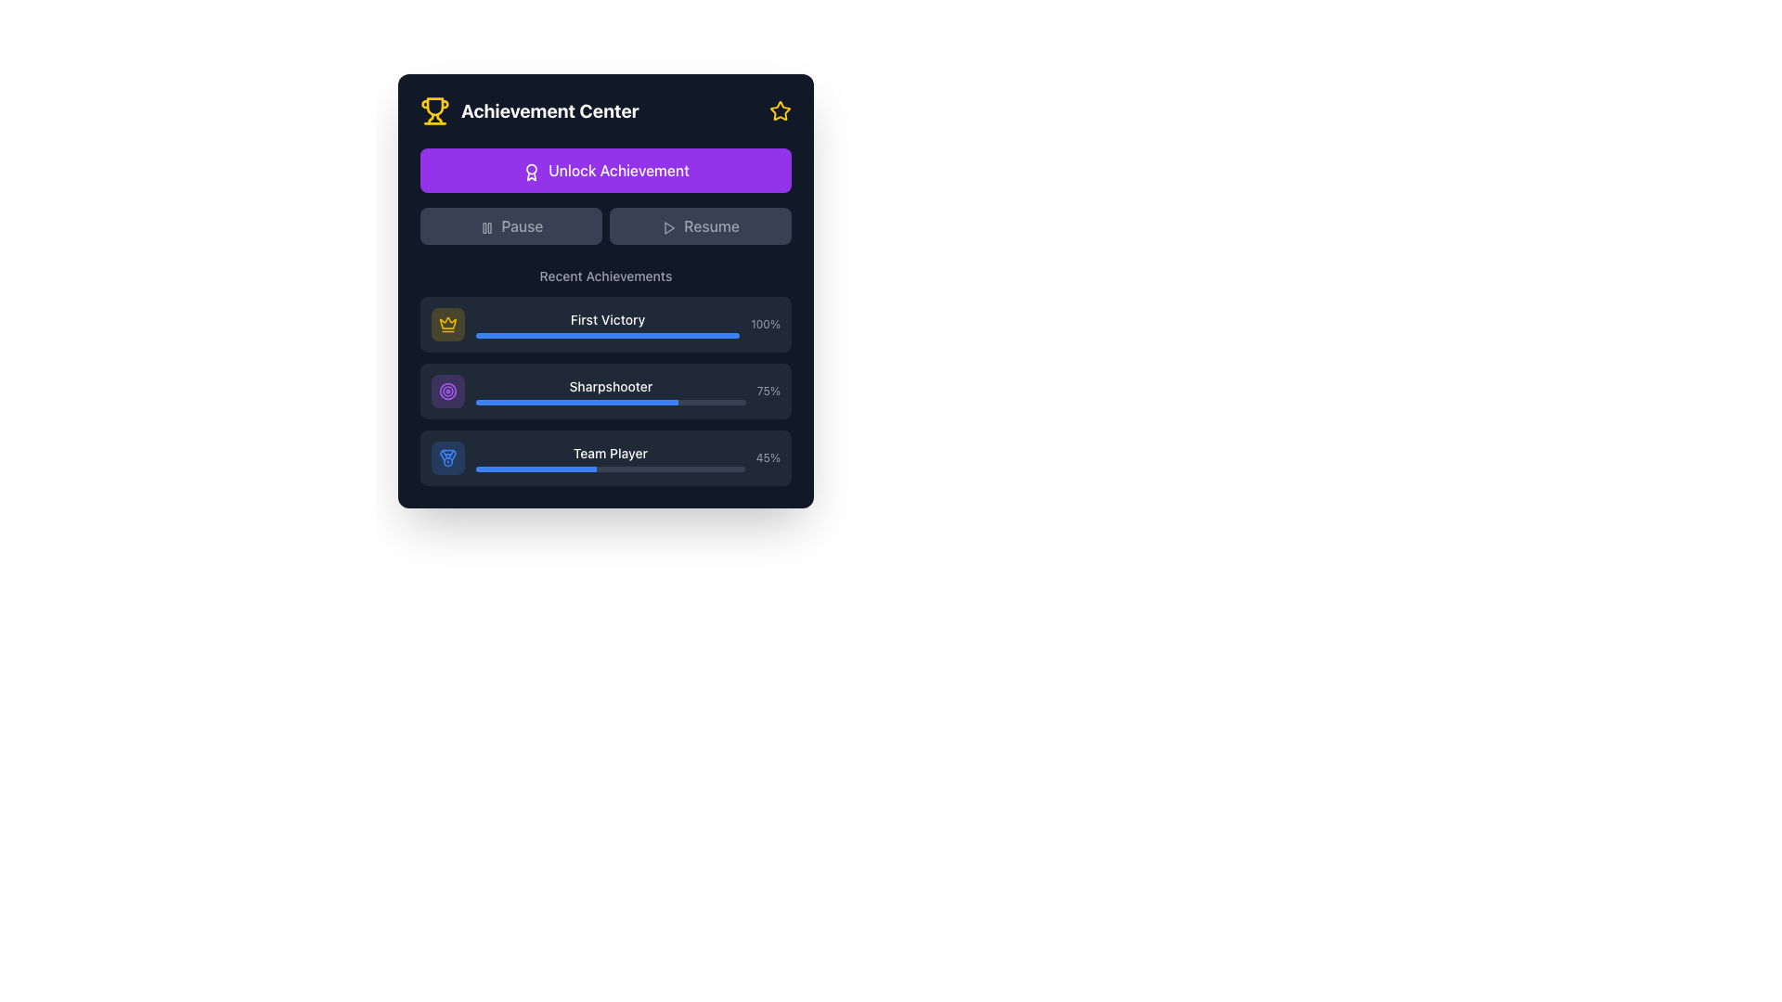  I want to click on the triangular-shaped play icon located in the top-right corner of the 'Achievement Center' UI panel, so click(668, 226).